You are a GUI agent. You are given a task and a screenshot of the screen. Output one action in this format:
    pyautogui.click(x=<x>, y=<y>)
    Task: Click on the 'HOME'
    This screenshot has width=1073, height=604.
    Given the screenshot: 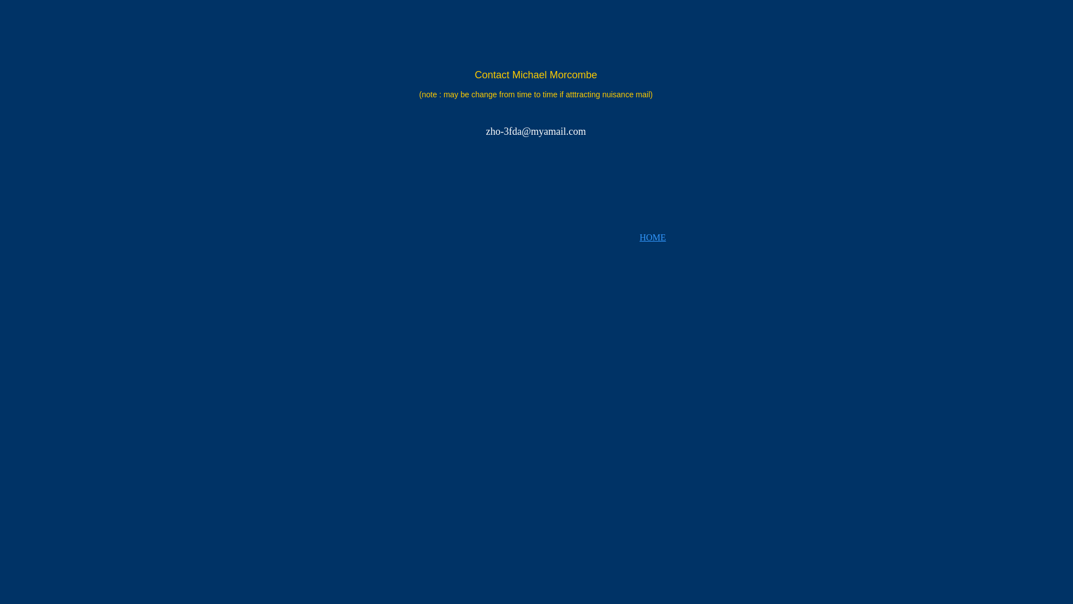 What is the action you would take?
    pyautogui.click(x=652, y=237)
    